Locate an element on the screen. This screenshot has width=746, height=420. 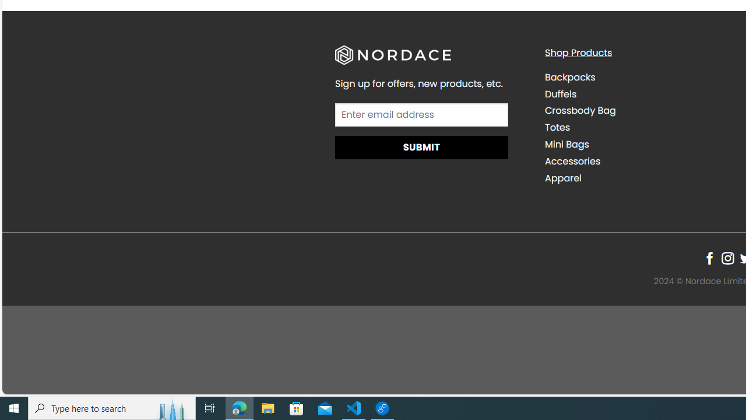
'Accessories' is located at coordinates (572, 161).